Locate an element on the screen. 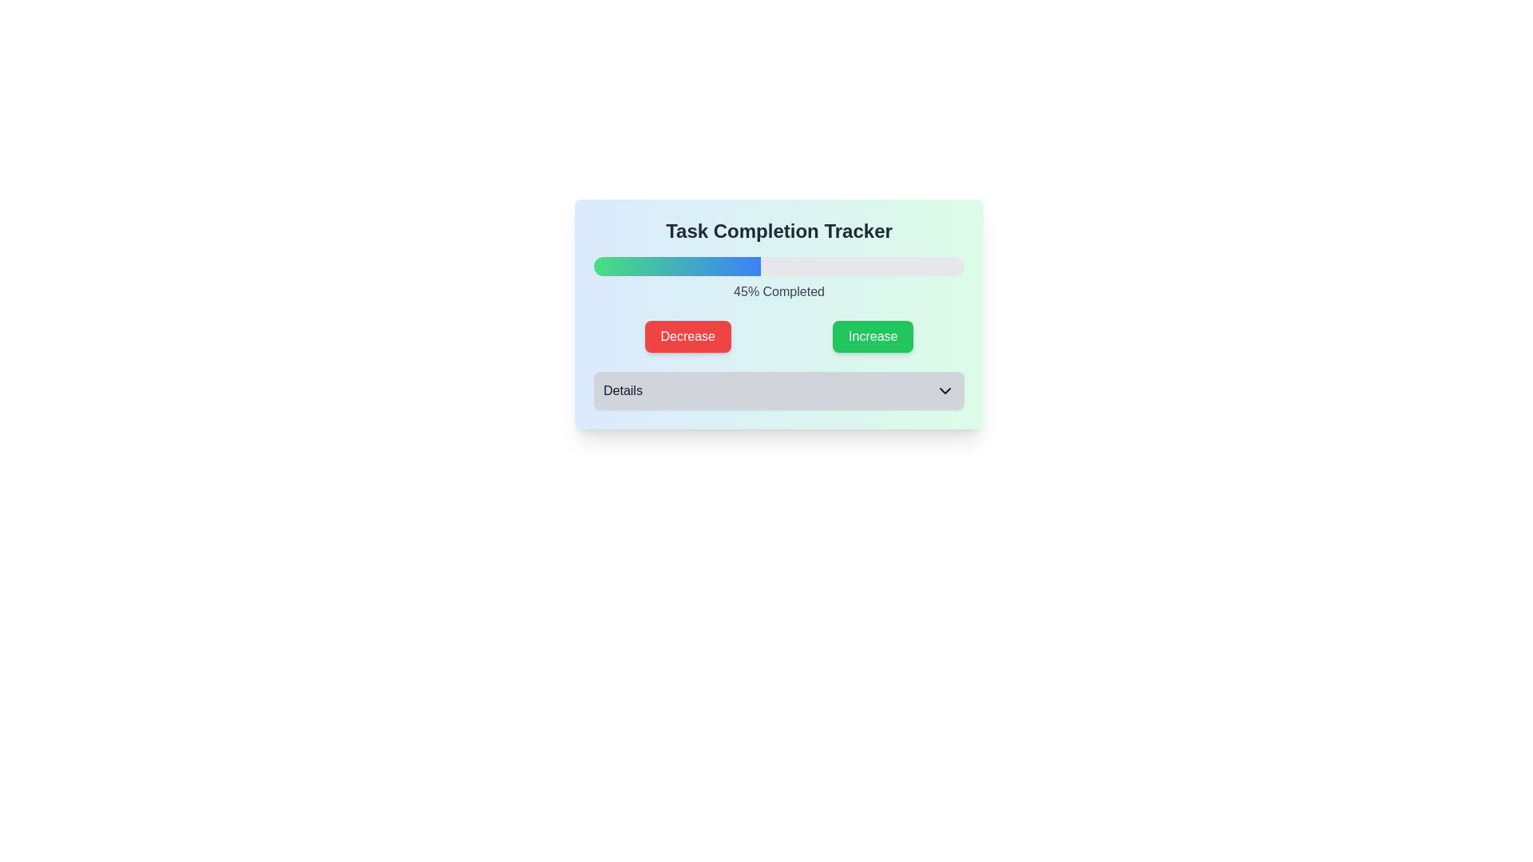  the chevron icon button located at the far right of the 'Details' bar is located at coordinates (945, 390).